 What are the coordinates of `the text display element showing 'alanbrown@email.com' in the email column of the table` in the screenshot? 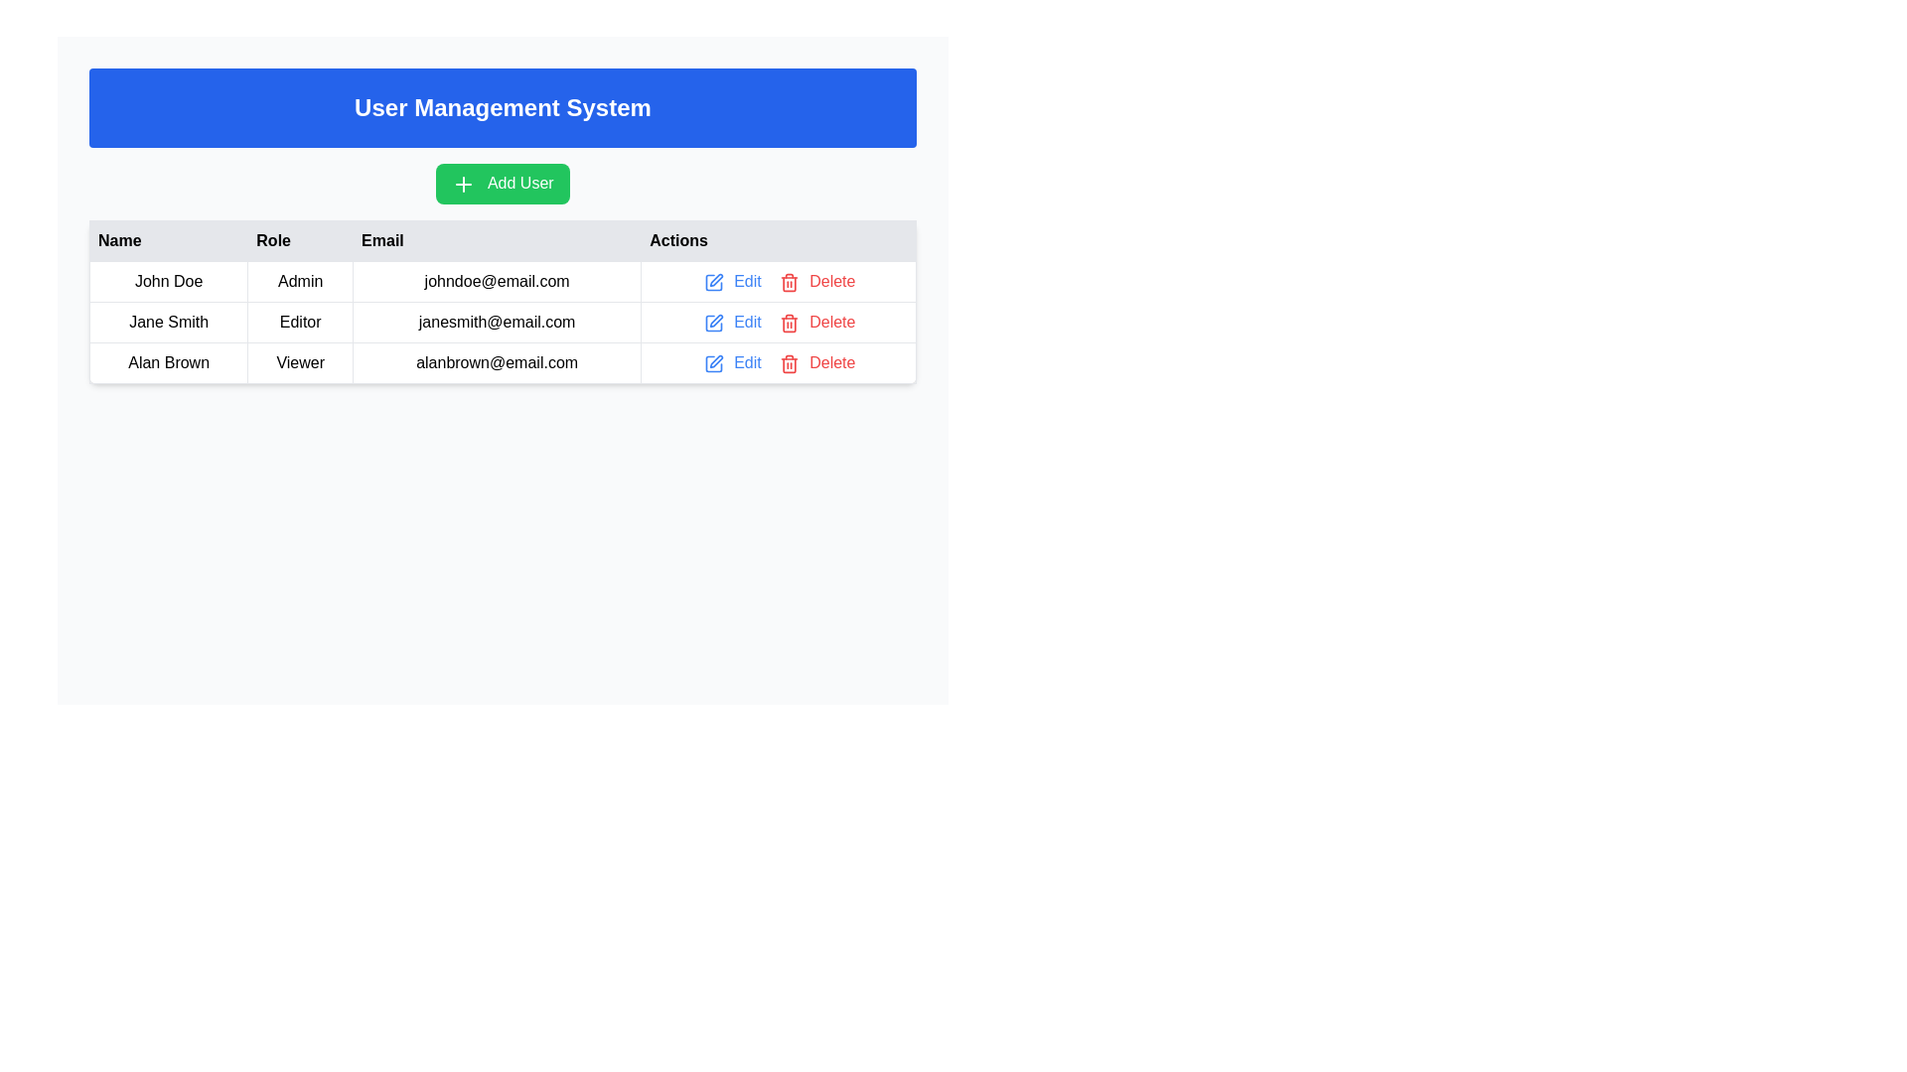 It's located at (497, 362).